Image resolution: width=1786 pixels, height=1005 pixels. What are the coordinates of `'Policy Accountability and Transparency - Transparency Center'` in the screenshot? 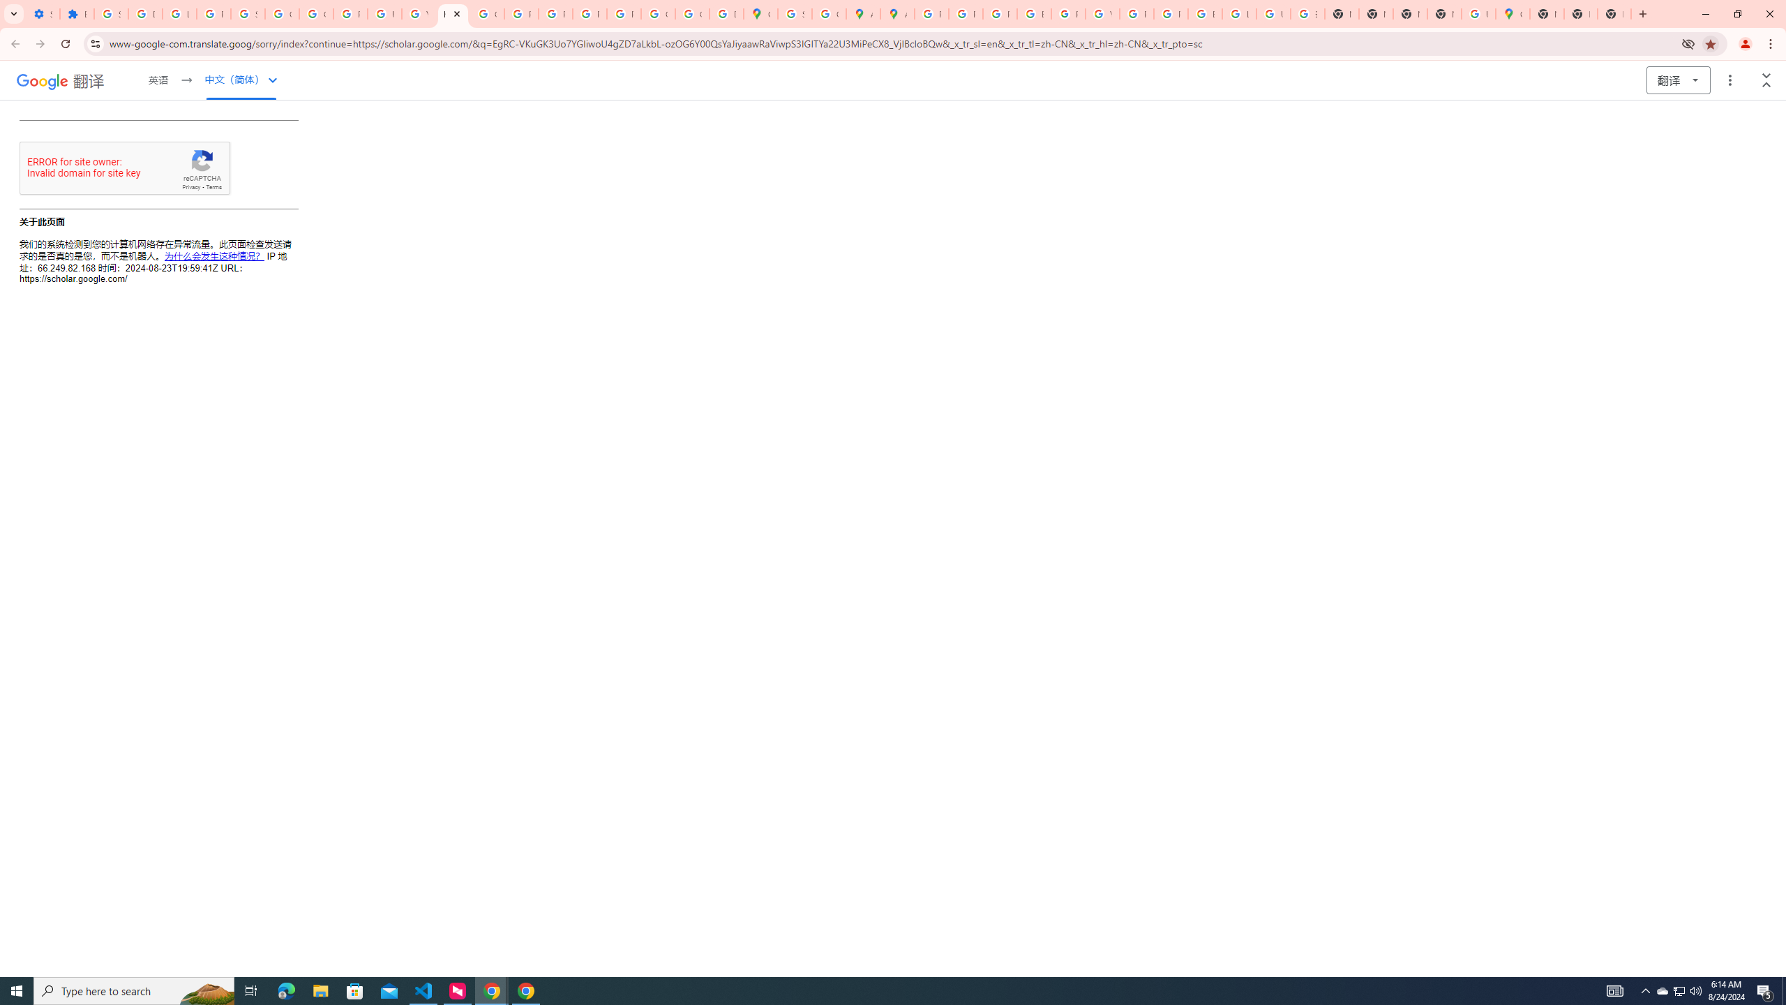 It's located at (932, 13).